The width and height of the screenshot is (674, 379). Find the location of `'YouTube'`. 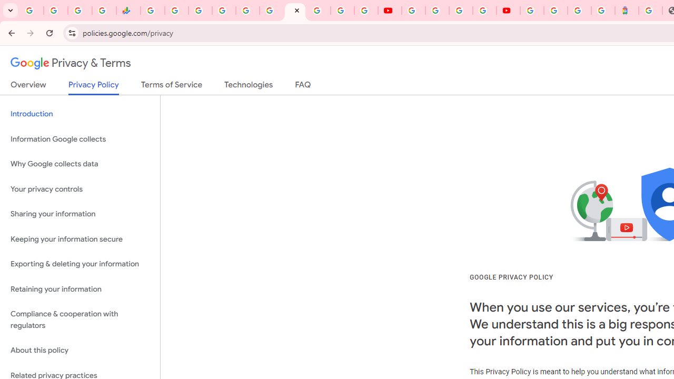

'YouTube' is located at coordinates (413, 11).